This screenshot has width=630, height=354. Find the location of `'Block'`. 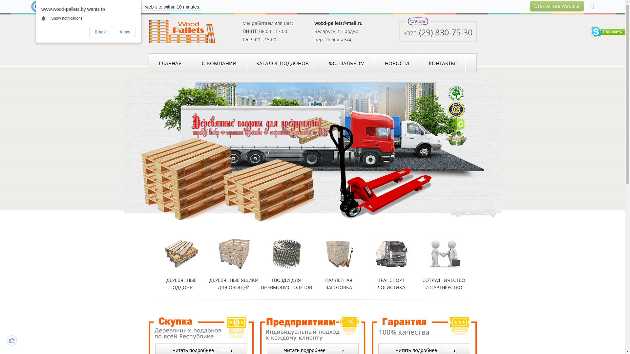

'Block' is located at coordinates (100, 32).